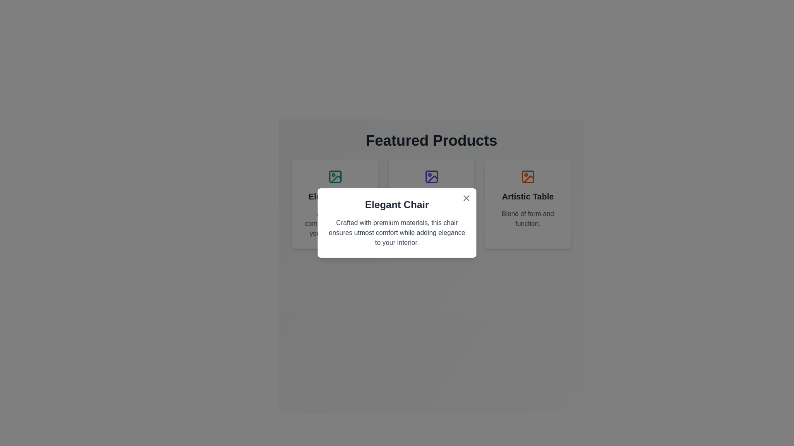 The width and height of the screenshot is (794, 446). Describe the element at coordinates (431, 176) in the screenshot. I see `the icon representing visual or image-related features located at the top of the card above the text 'Modern Lamp' and 'A sleek lamp designed for functional brilliance.'` at that location.